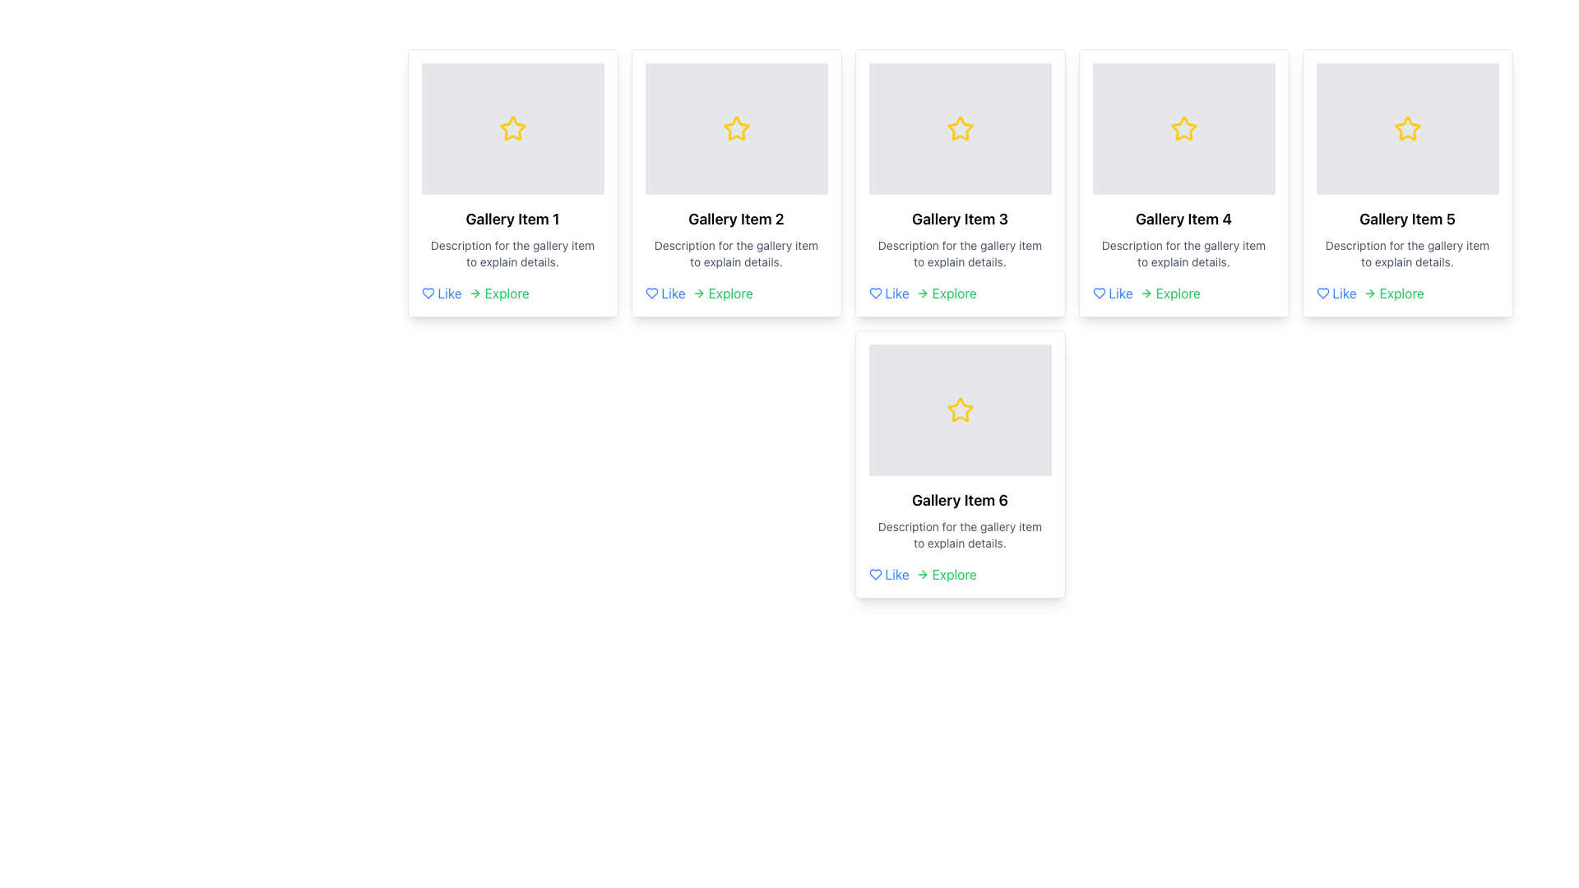 Image resolution: width=1579 pixels, height=888 pixels. What do you see at coordinates (1369, 293) in the screenshot?
I see `the rightward green arrow icon next to the text 'Explore' in the 'Gallery Item 5' section` at bounding box center [1369, 293].